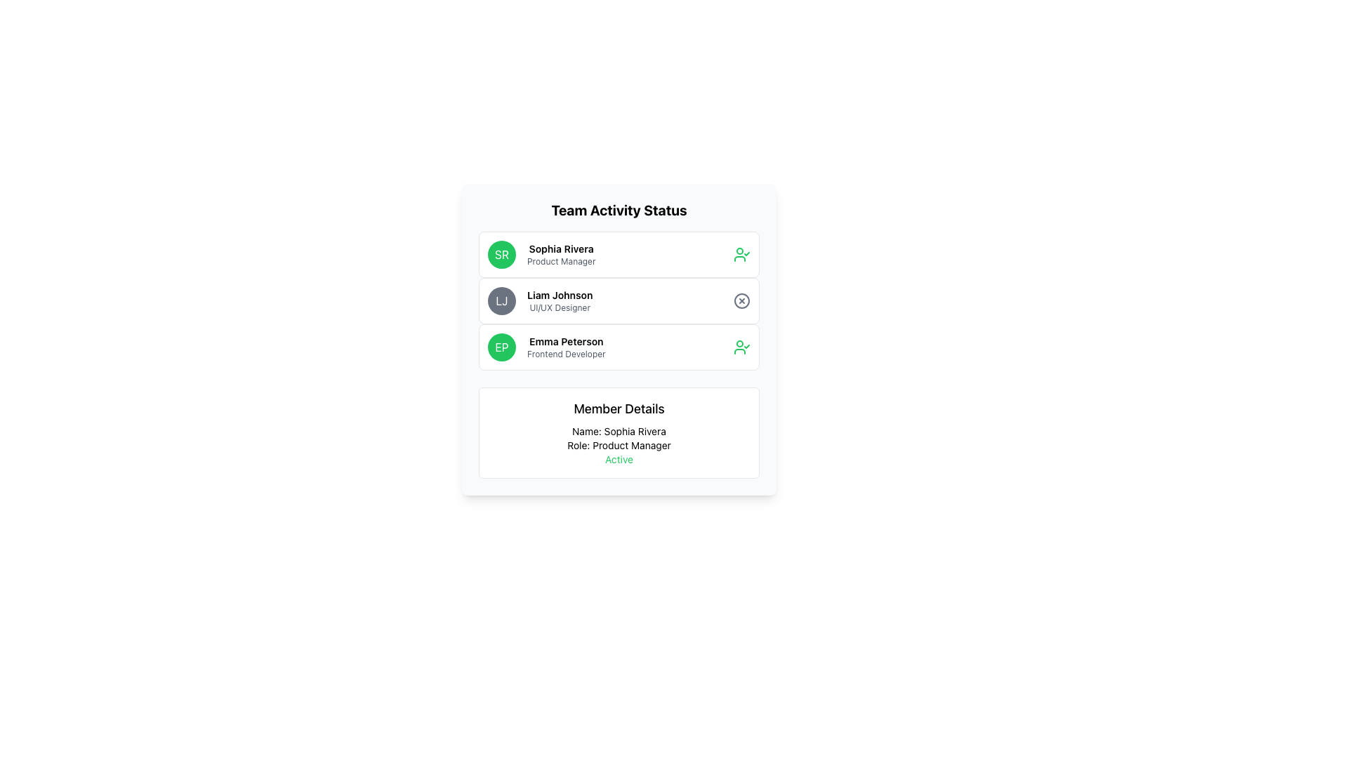 Image resolution: width=1348 pixels, height=758 pixels. Describe the element at coordinates (619, 430) in the screenshot. I see `the user name label 'Sophia Rivera' within the detailed member information section, which is located beneath the title 'Member Details' and above 'Role: Product Manager'` at that location.